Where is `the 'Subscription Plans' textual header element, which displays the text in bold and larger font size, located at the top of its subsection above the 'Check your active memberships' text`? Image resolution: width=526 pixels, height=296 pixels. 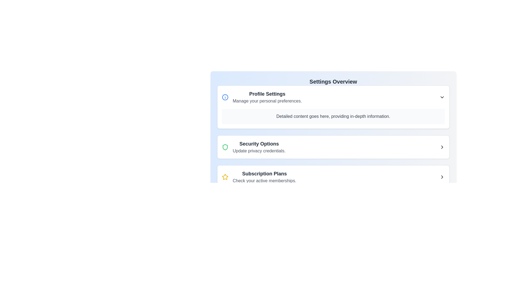 the 'Subscription Plans' textual header element, which displays the text in bold and larger font size, located at the top of its subsection above the 'Check your active memberships' text is located at coordinates (264, 173).